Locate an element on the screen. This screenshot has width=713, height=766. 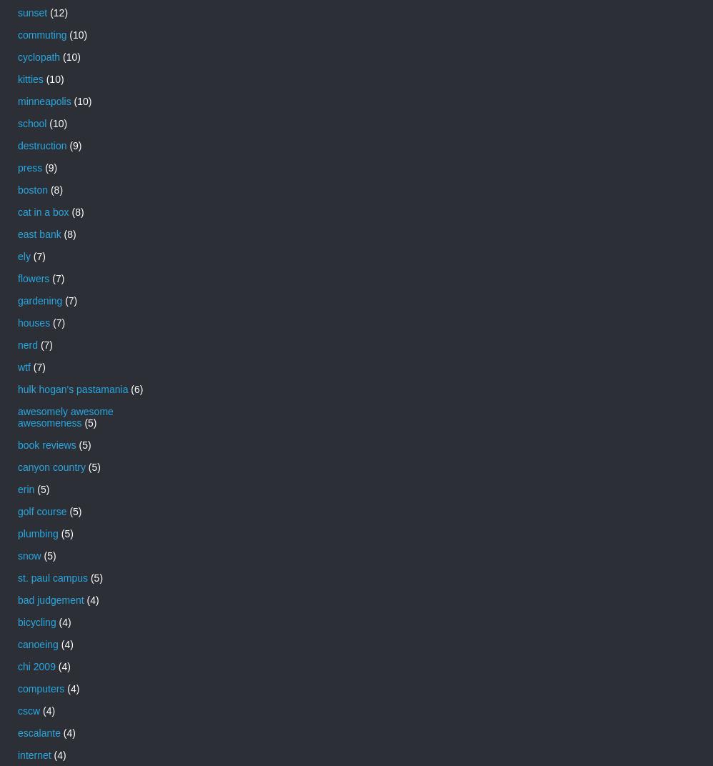
'awesomely awesome awesomeness' is located at coordinates (64, 415).